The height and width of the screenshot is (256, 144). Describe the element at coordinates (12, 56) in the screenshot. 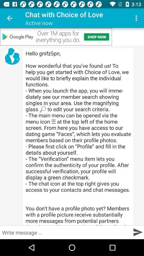

I see `logo of sender` at that location.